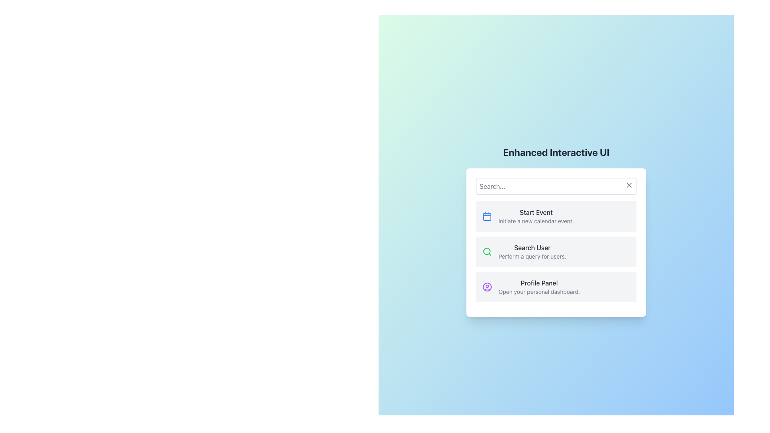 The width and height of the screenshot is (770, 433). Describe the element at coordinates (629, 185) in the screenshot. I see `the clear button located in the top-right corner of the search input field to observe the color change to red` at that location.